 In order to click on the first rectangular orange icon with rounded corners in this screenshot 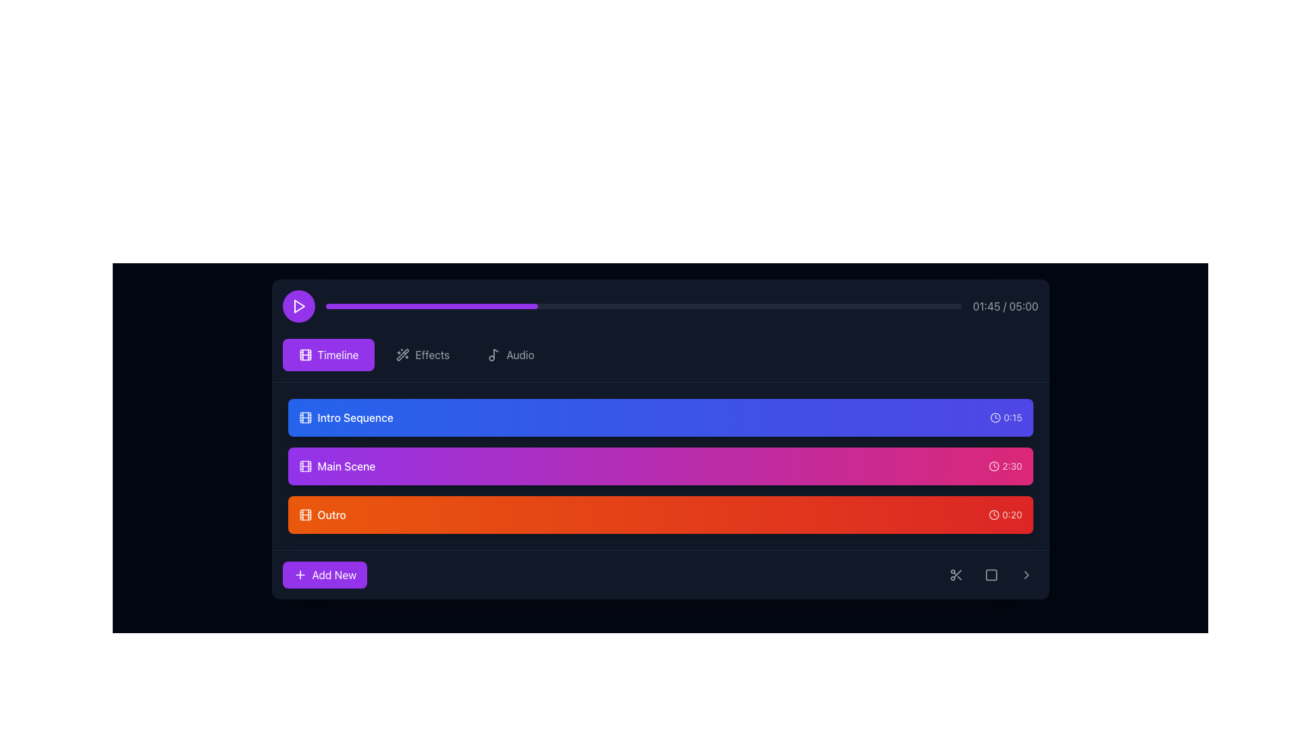, I will do `click(304, 515)`.